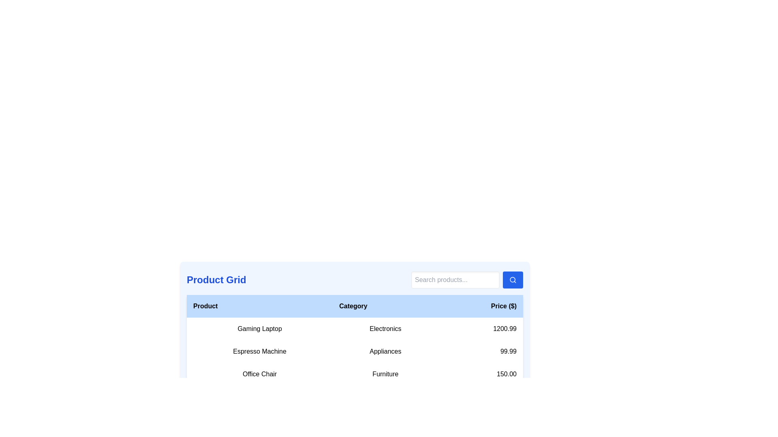 Image resolution: width=778 pixels, height=437 pixels. I want to click on price value displayed as '99.99' in the Price ($) column for the 'Espresso Machine' product, which is located in the rightmost cell of the second row, so click(481, 351).